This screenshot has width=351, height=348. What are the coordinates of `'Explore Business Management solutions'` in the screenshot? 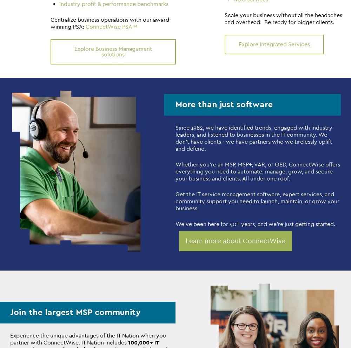 It's located at (112, 51).